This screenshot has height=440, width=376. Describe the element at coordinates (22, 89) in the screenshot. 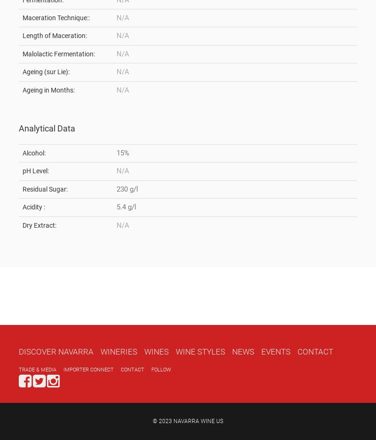

I see `'Ageing in Months:'` at that location.